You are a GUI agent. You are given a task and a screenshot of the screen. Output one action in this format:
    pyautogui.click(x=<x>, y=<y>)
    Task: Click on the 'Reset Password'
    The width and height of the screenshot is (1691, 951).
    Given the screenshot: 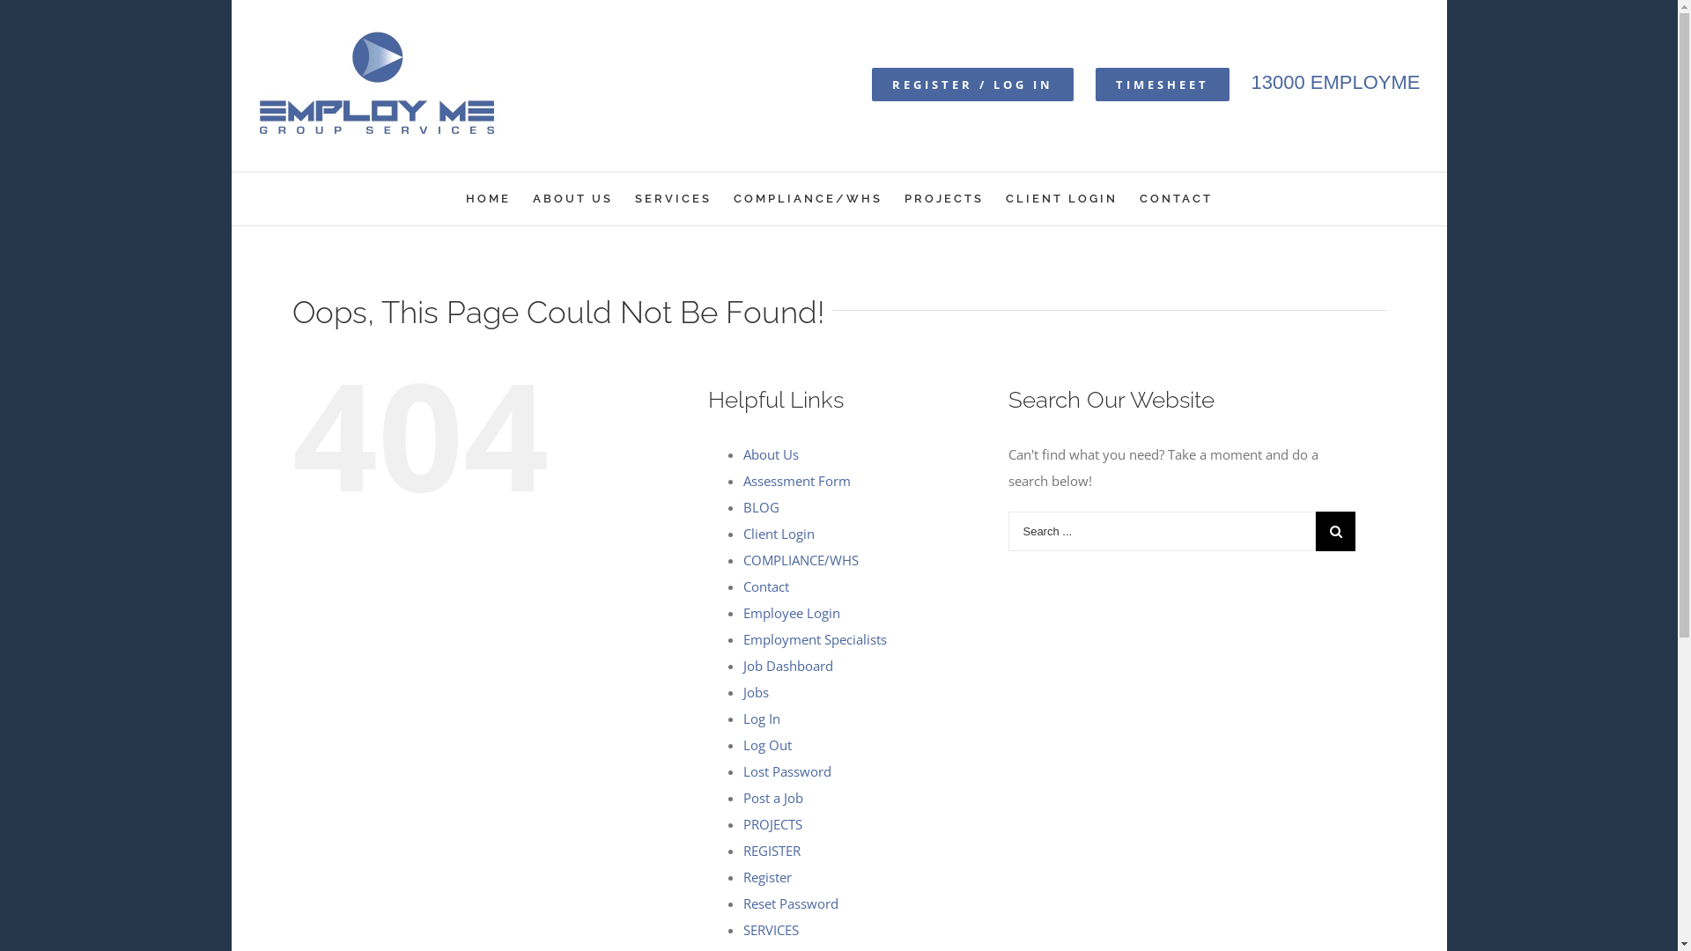 What is the action you would take?
    pyautogui.click(x=789, y=903)
    